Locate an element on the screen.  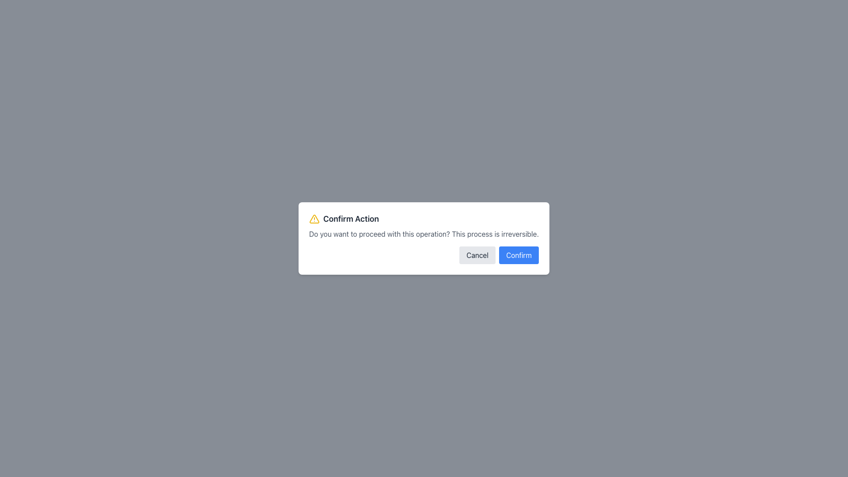
the blue 'Confirm' button is located at coordinates (519, 255).